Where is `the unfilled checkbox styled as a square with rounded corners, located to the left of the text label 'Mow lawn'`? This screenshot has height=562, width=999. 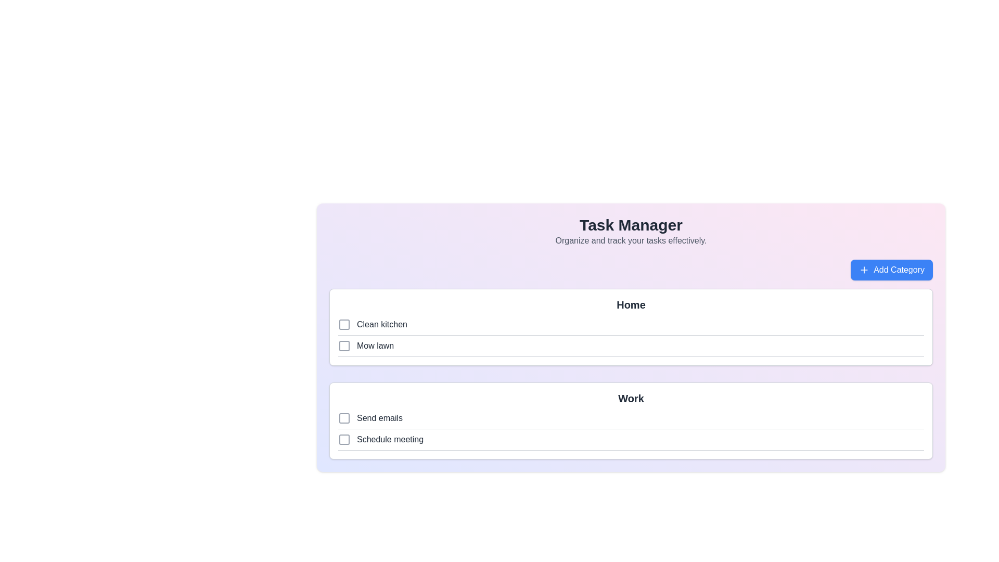
the unfilled checkbox styled as a square with rounded corners, located to the left of the text label 'Mow lawn' is located at coordinates (344, 346).